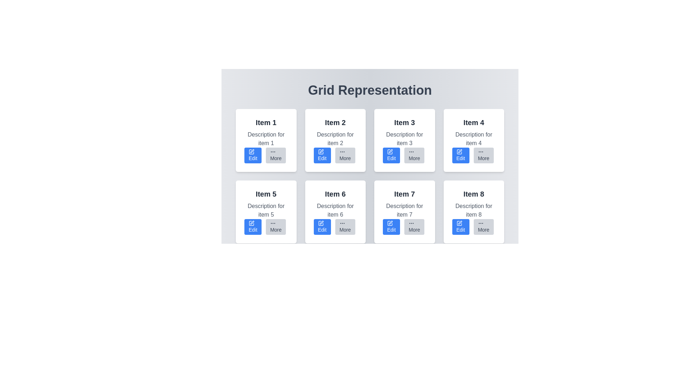 The image size is (687, 386). Describe the element at coordinates (370, 90) in the screenshot. I see `the title text element that says 'Grid Representation', which is styled in large, bold gray font and located at the top of the grid layout` at that location.